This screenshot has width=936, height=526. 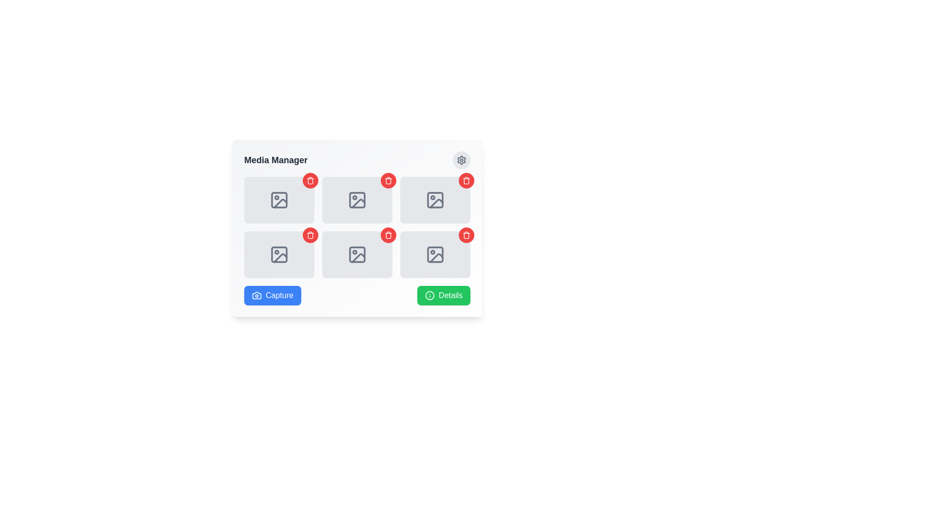 What do you see at coordinates (310, 181) in the screenshot?
I see `the delete icon located in the second row and first column of the grid structure` at bounding box center [310, 181].